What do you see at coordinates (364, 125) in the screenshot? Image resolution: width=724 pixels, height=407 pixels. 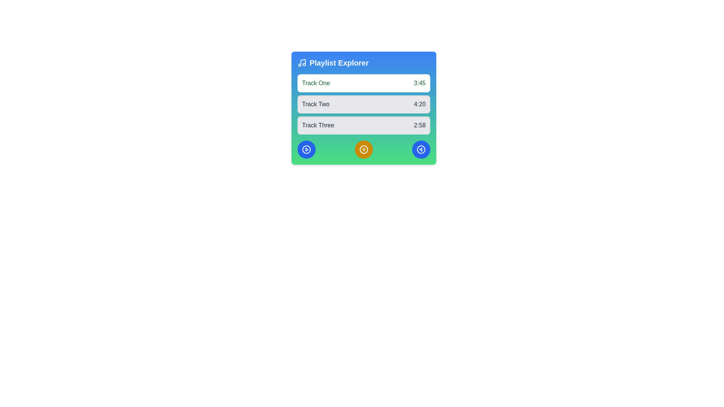 I see `the list item labeled 'Track Three' with a duration of '2:58'` at bounding box center [364, 125].